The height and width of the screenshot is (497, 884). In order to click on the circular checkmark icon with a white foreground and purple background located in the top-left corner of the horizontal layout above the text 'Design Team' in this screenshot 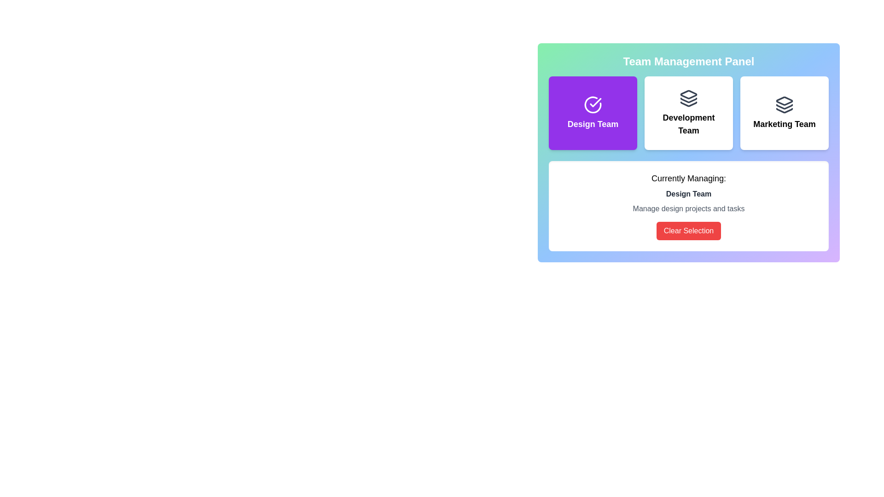, I will do `click(593, 104)`.